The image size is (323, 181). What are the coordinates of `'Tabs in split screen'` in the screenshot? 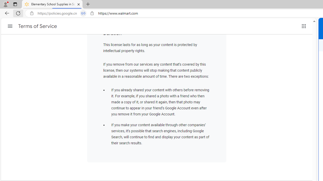 It's located at (83, 13).